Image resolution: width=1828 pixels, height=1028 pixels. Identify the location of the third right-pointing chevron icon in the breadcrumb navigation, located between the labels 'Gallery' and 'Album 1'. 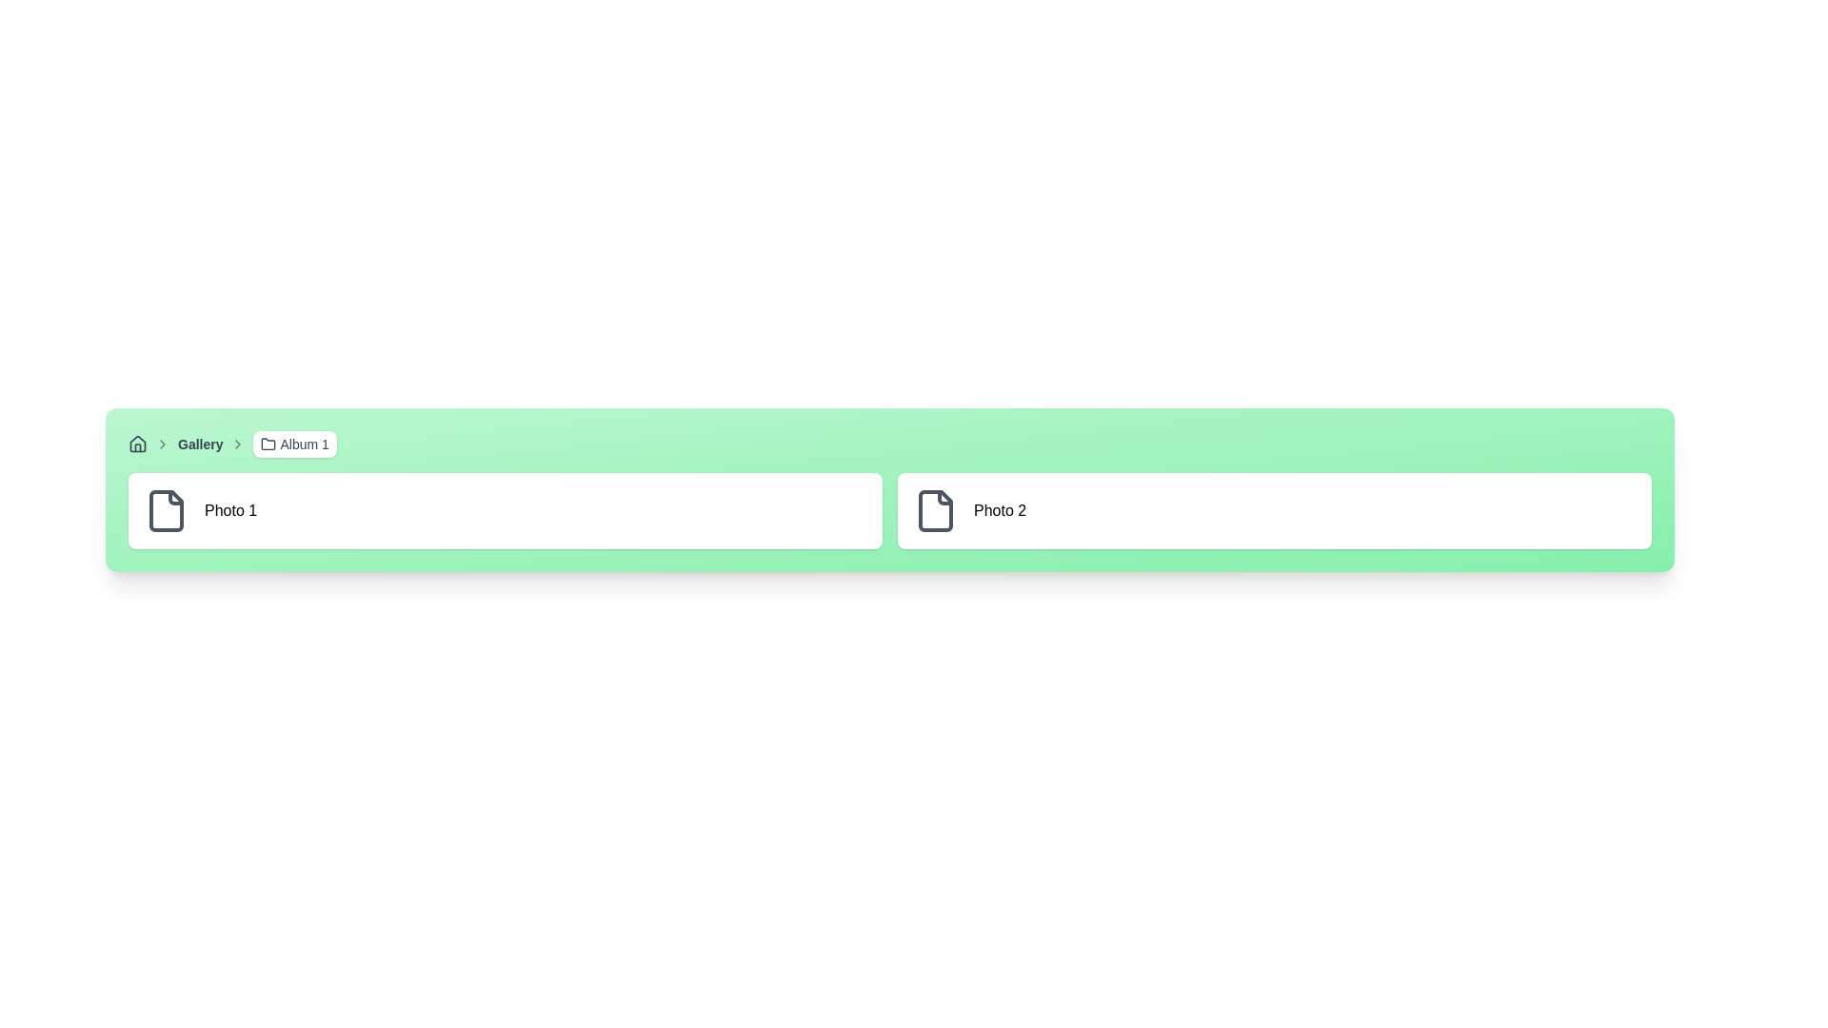
(237, 444).